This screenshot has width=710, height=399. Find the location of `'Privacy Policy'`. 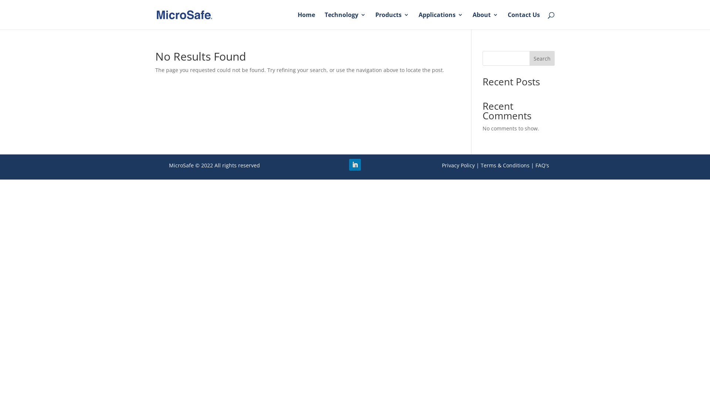

'Privacy Policy' is located at coordinates (458, 165).